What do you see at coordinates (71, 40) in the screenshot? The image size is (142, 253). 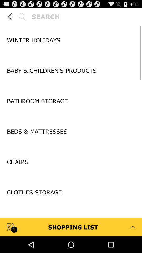 I see `winter holidays item` at bounding box center [71, 40].